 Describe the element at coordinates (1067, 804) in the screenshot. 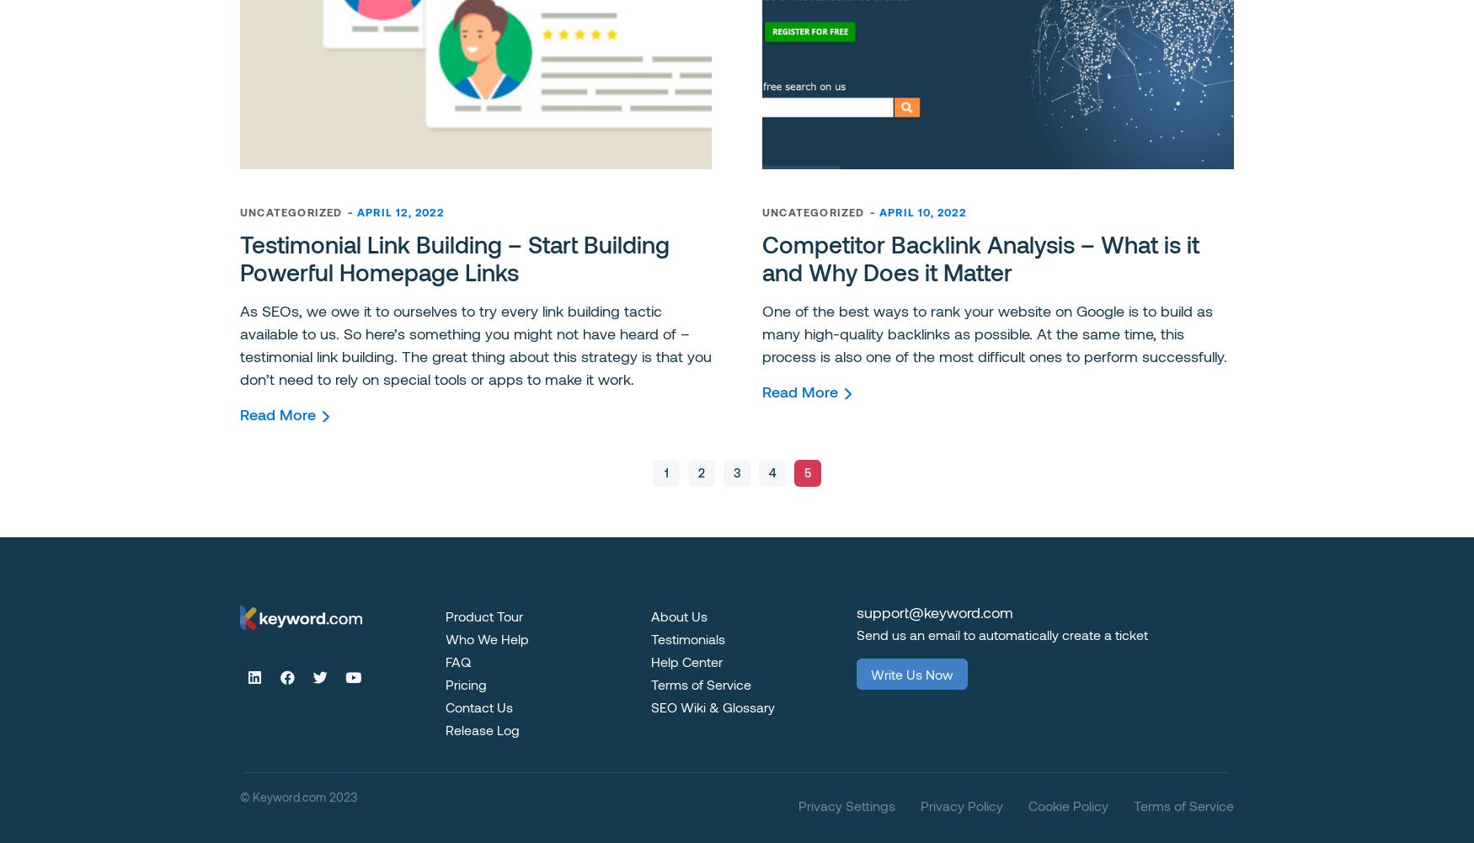

I see `'Cookie Policy'` at that location.